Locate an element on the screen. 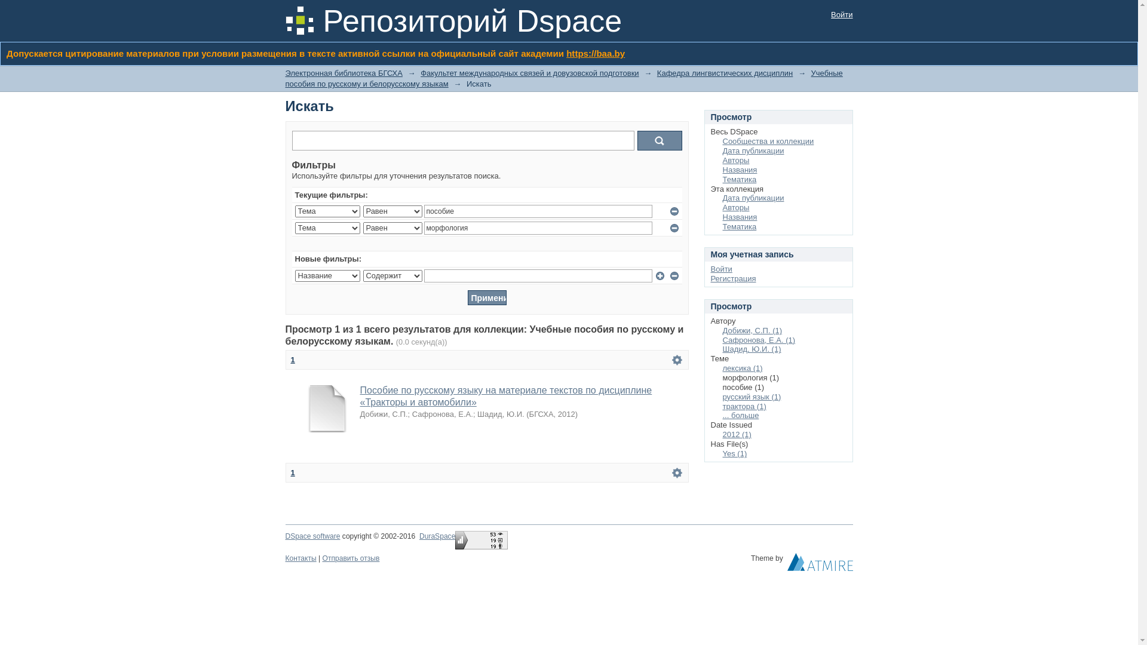 The width and height of the screenshot is (1147, 645). 'Atmire NV' is located at coordinates (819, 564).